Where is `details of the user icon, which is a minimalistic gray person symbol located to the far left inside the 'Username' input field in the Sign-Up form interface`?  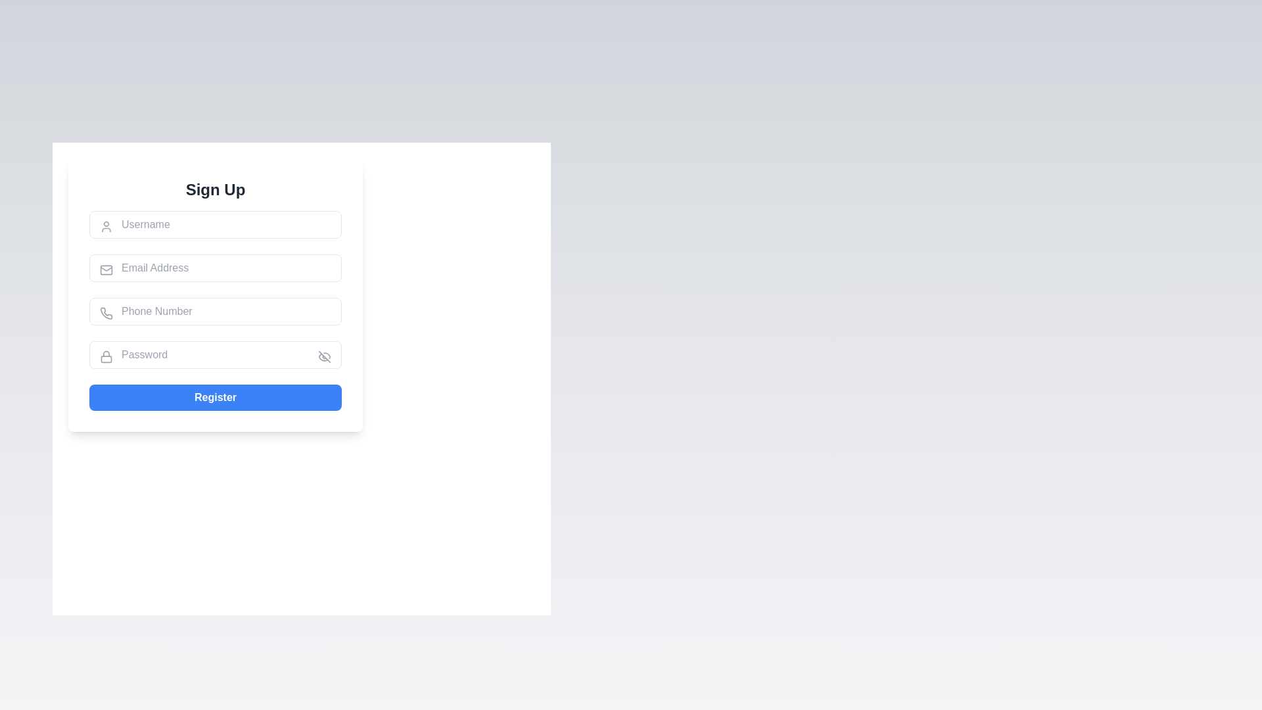
details of the user icon, which is a minimalistic gray person symbol located to the far left inside the 'Username' input field in the Sign-Up form interface is located at coordinates (106, 225).